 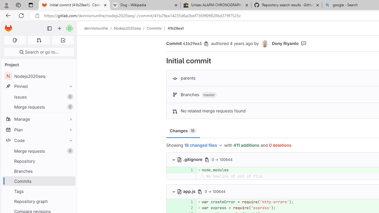 I want to click on 'NNodejs2020seq', so click(x=38, y=76).